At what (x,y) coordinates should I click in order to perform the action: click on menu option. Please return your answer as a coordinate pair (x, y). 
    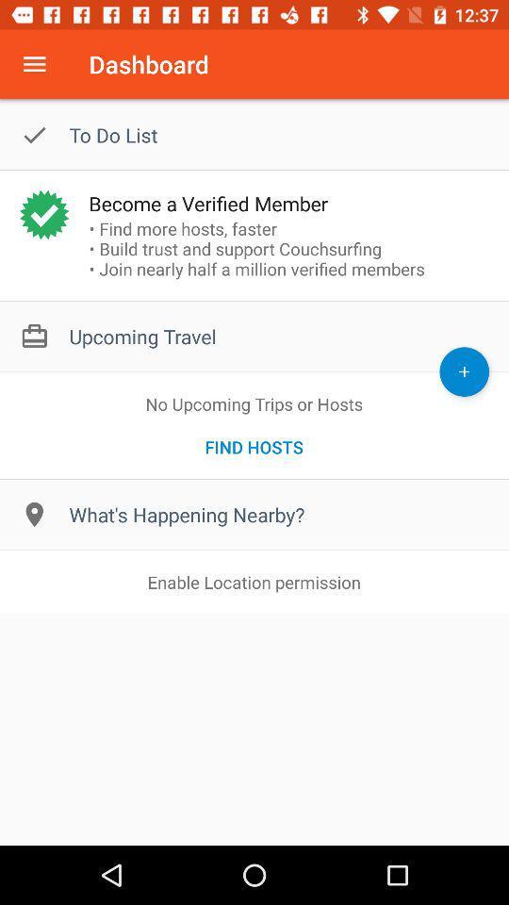
    Looking at the image, I should click on (34, 64).